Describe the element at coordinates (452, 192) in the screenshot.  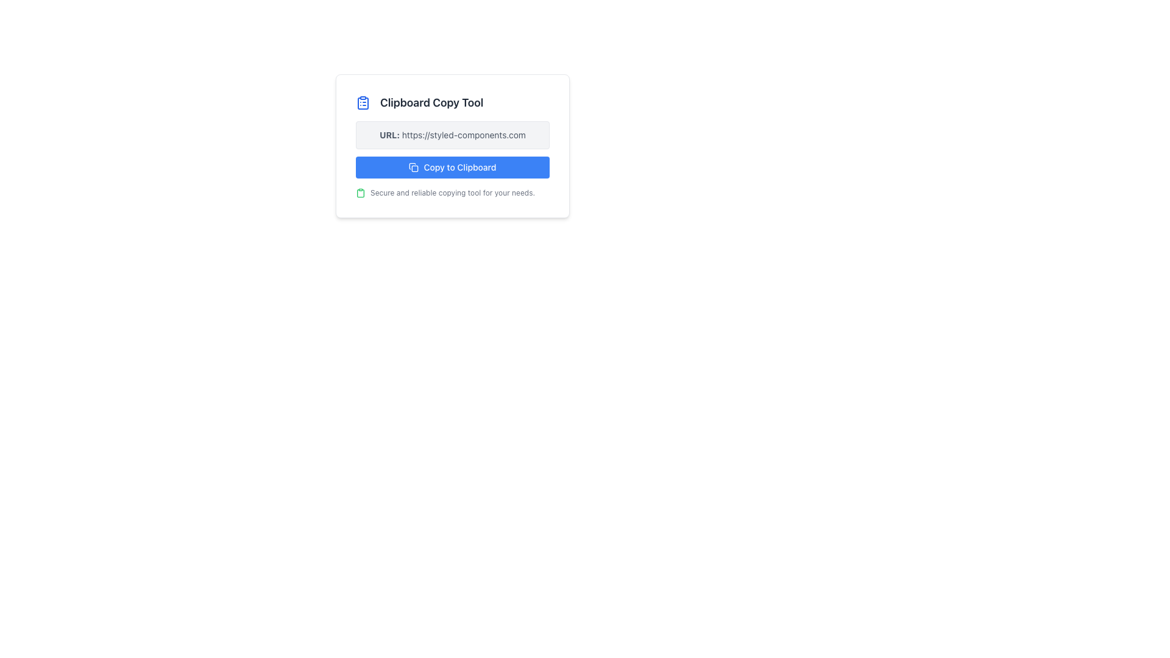
I see `the Text Label with Icon that provides information about the clipboard copying tool, located below the 'Copy to Clipboard' button` at that location.